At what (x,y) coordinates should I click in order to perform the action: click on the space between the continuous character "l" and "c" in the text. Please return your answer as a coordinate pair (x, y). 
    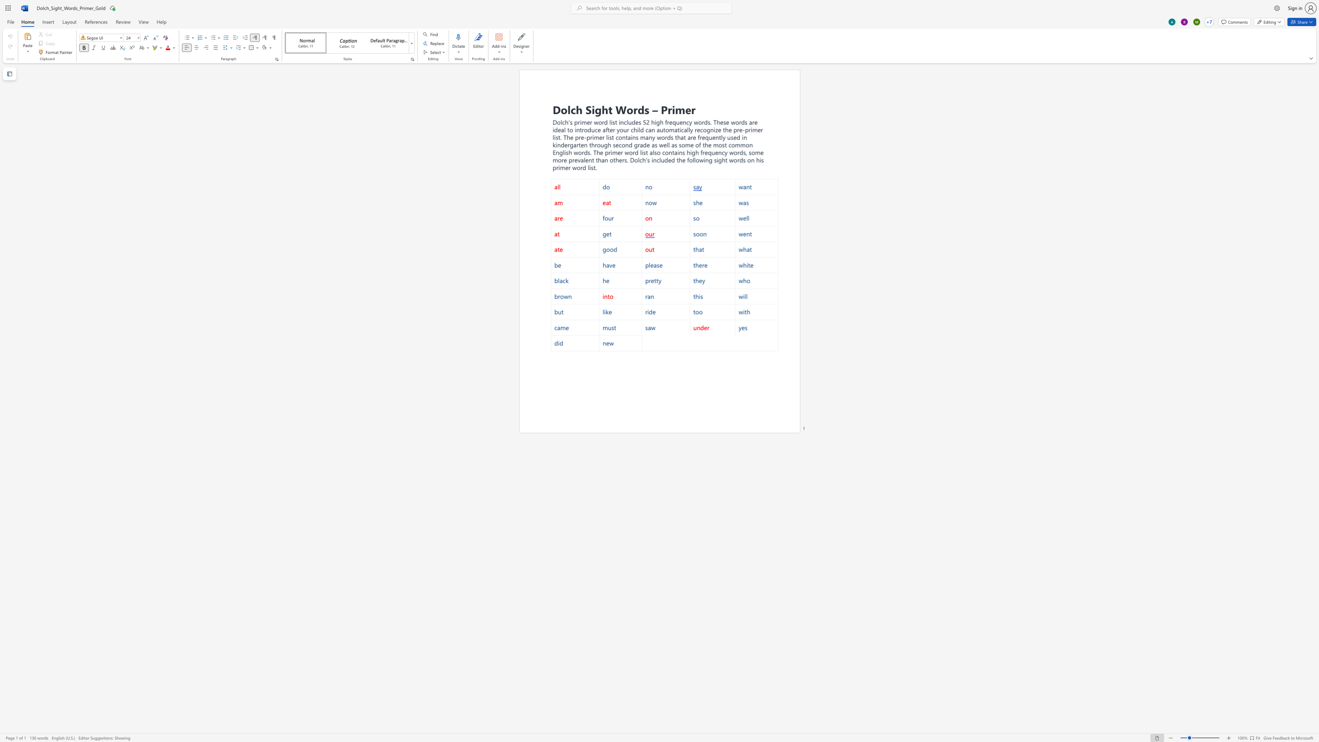
    Looking at the image, I should click on (571, 109).